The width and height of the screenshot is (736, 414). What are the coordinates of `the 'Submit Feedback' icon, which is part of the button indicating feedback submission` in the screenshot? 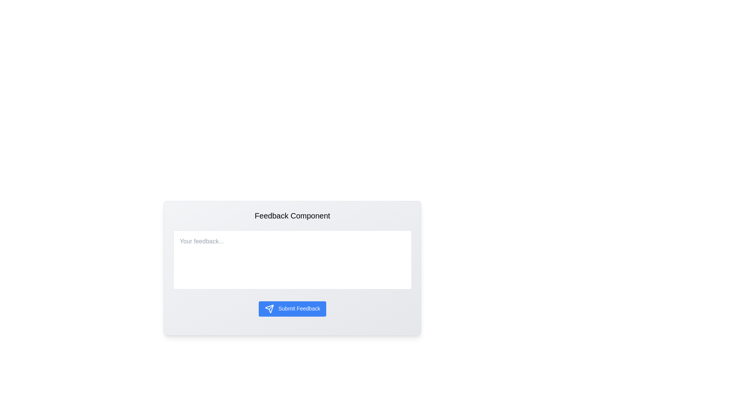 It's located at (269, 309).